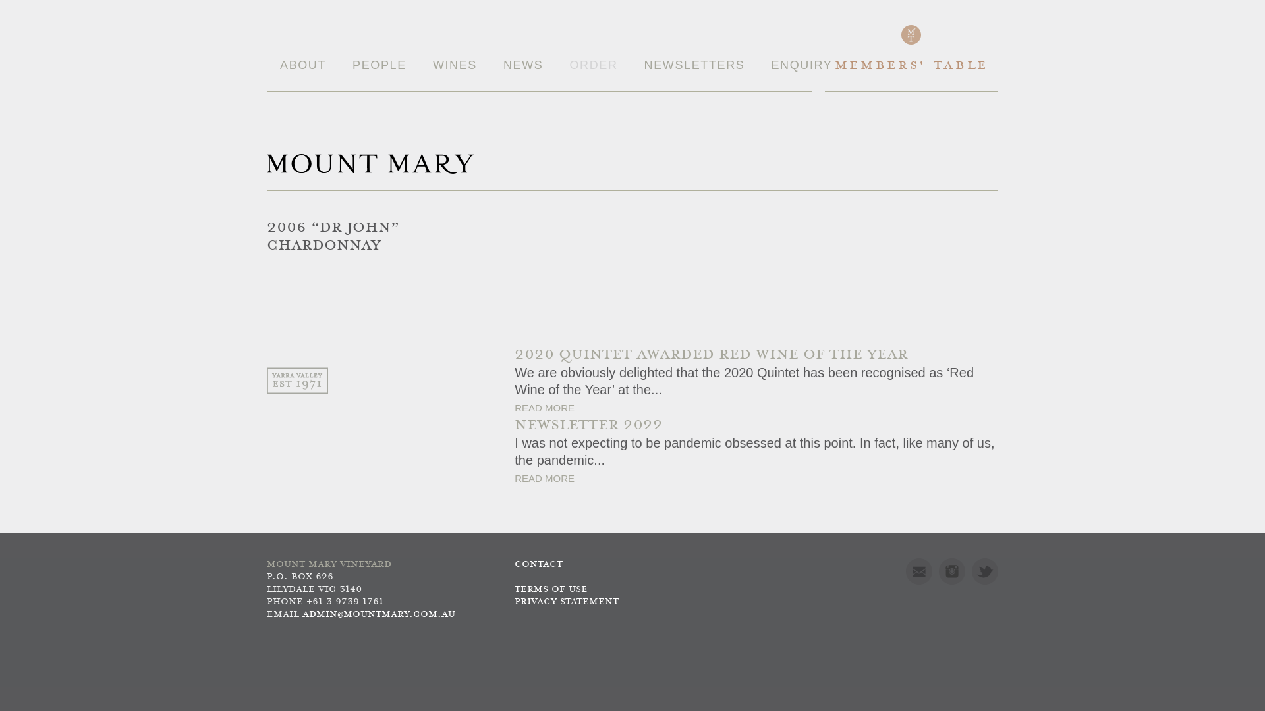  I want to click on 'ADMIN@MOUNTMARY.COM.AU', so click(378, 614).